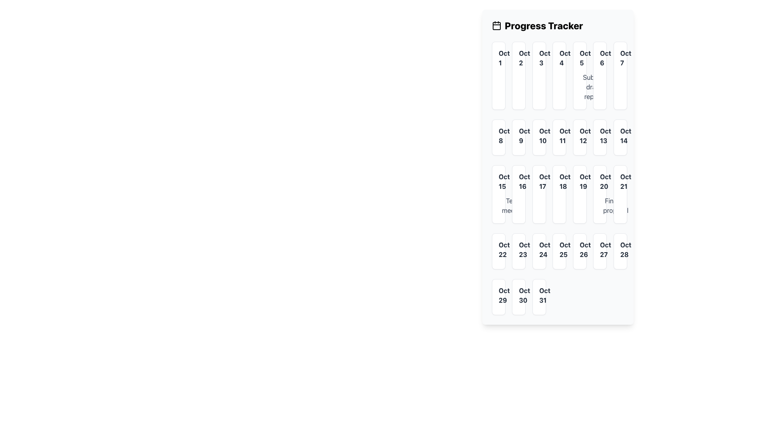 The width and height of the screenshot is (771, 433). I want to click on the static label UI component that marks a specific date in the progress tracker, located in the sixth column of the fourth row, between 'Oct 25' and 'Oct 27', so click(579, 251).